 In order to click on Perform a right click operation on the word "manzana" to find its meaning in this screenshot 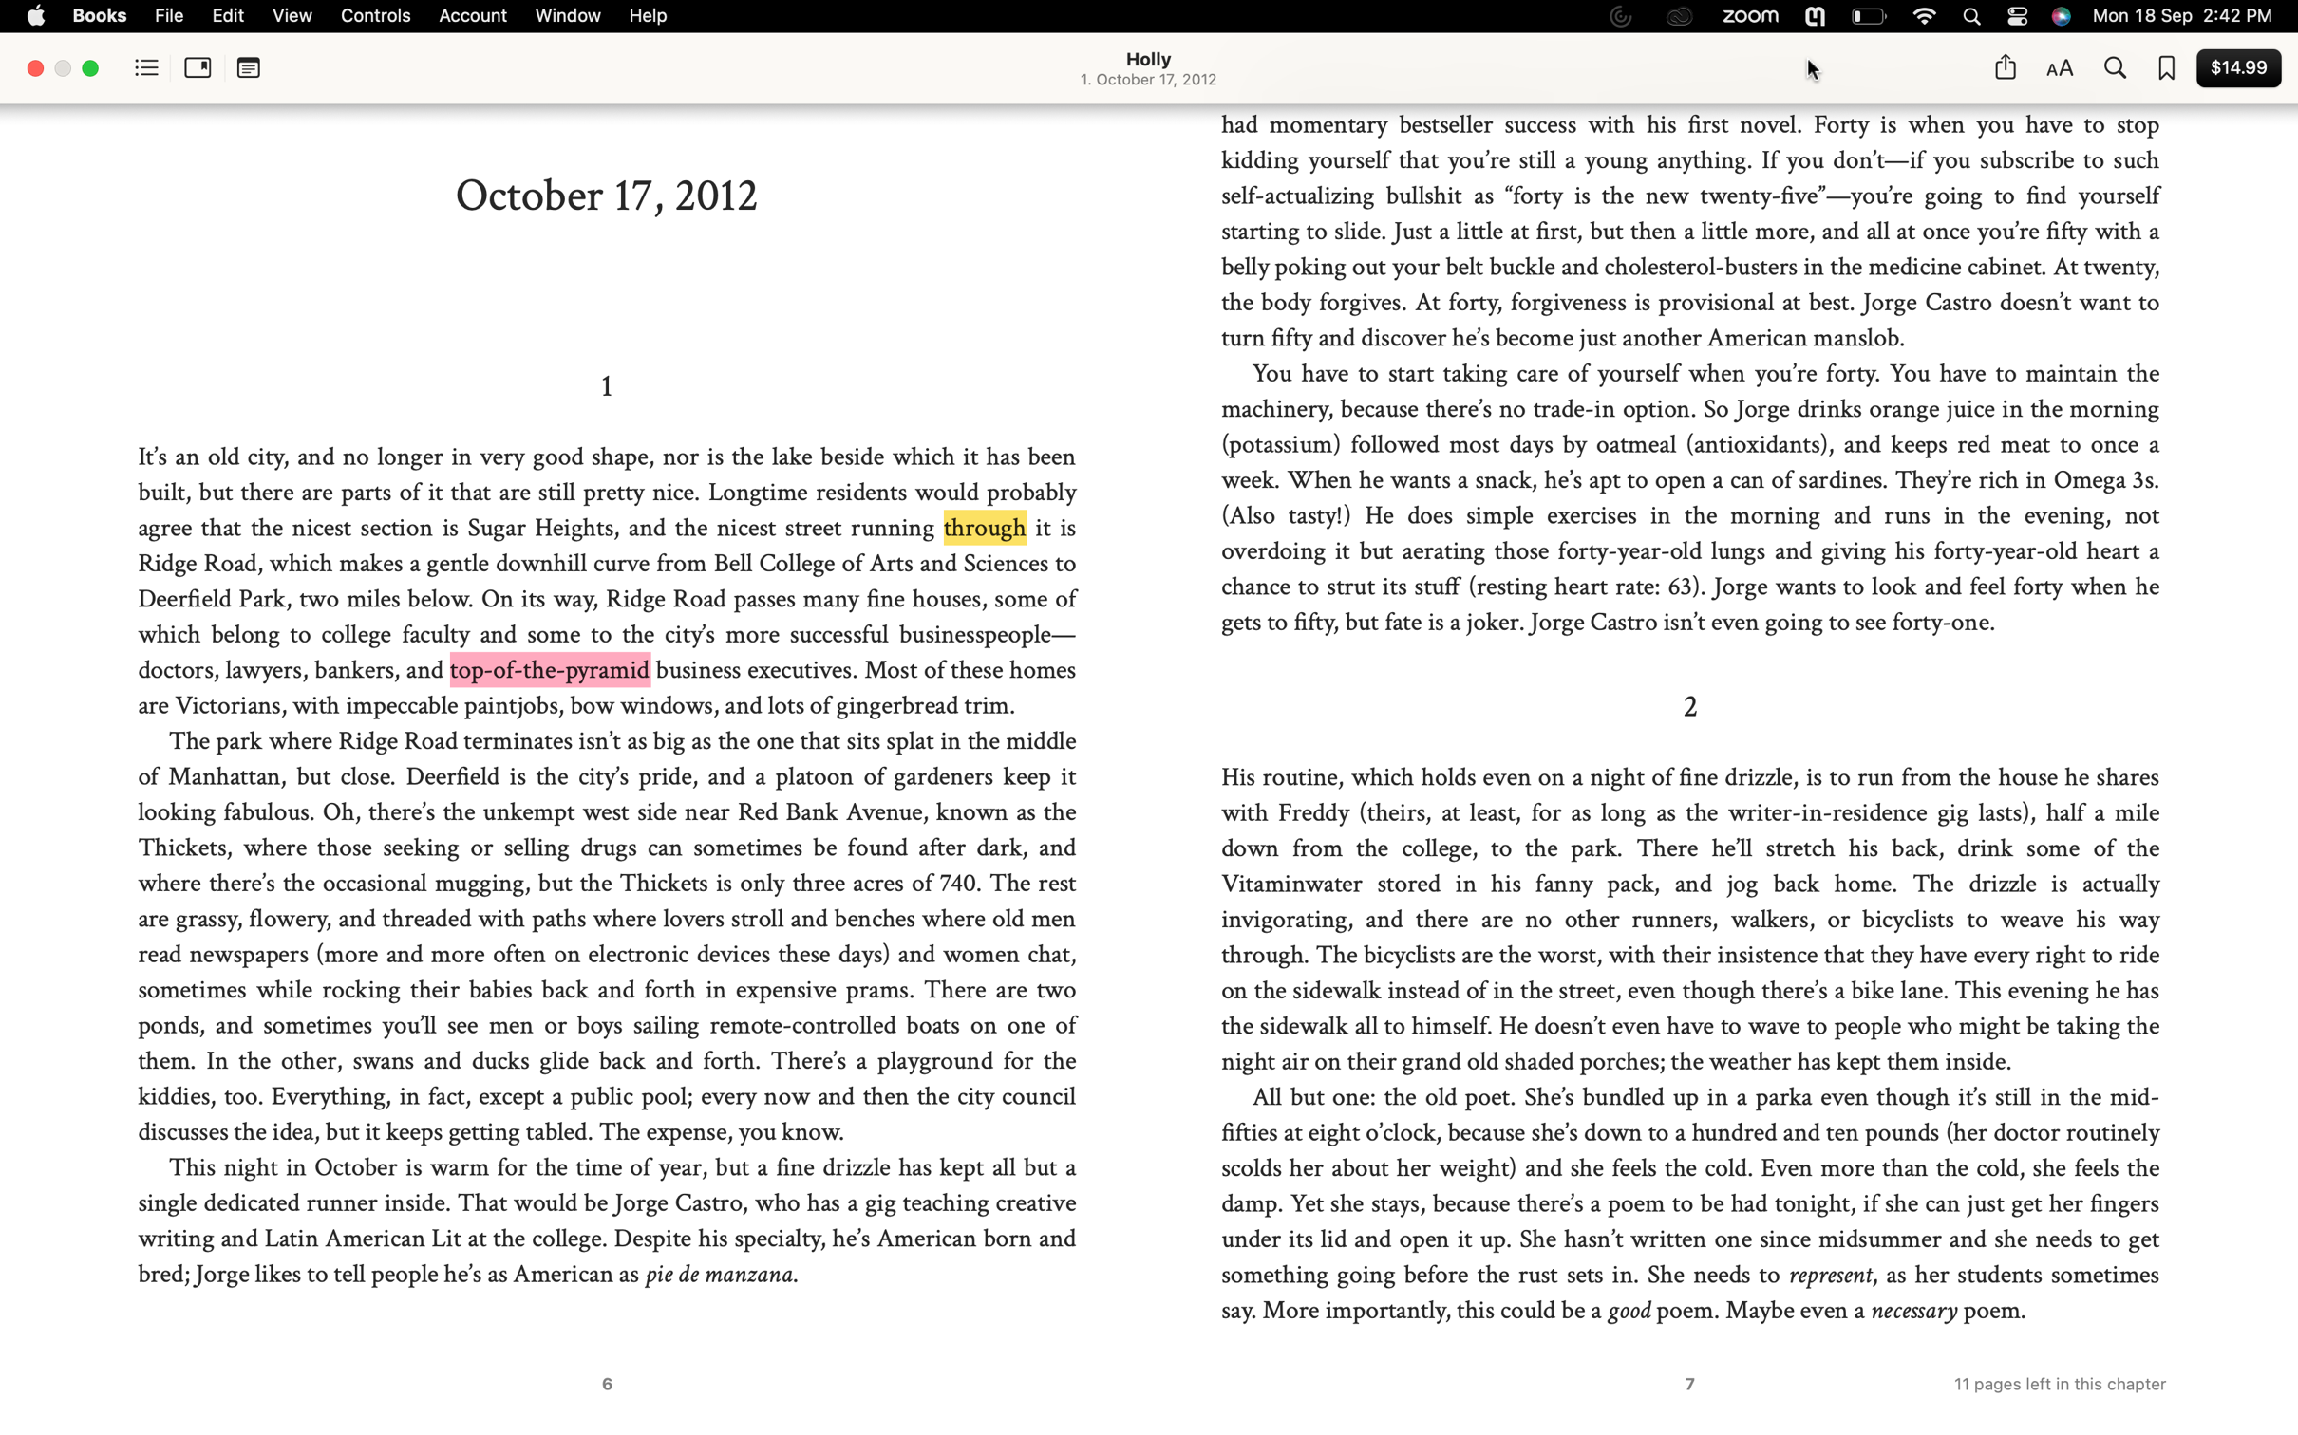, I will do `click(788, 1274)`.